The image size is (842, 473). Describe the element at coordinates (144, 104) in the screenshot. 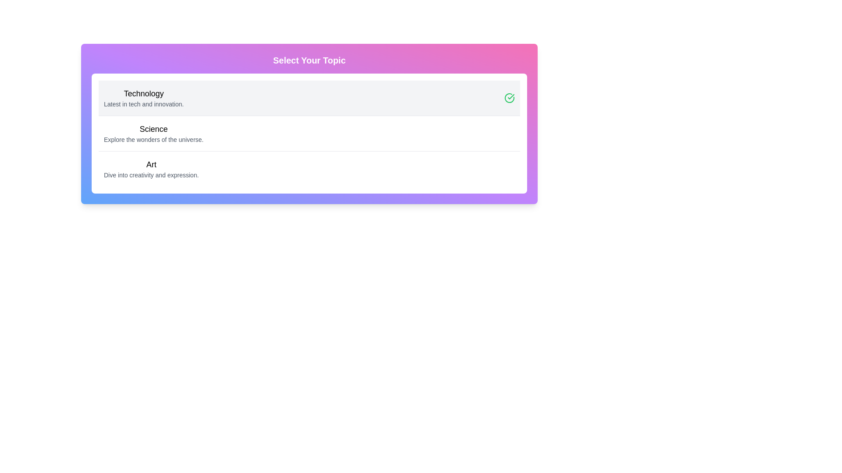

I see `the text label that reads 'Latest in tech and innovation.' which is positioned beneath the 'Technology' header in the first card of topics` at that location.